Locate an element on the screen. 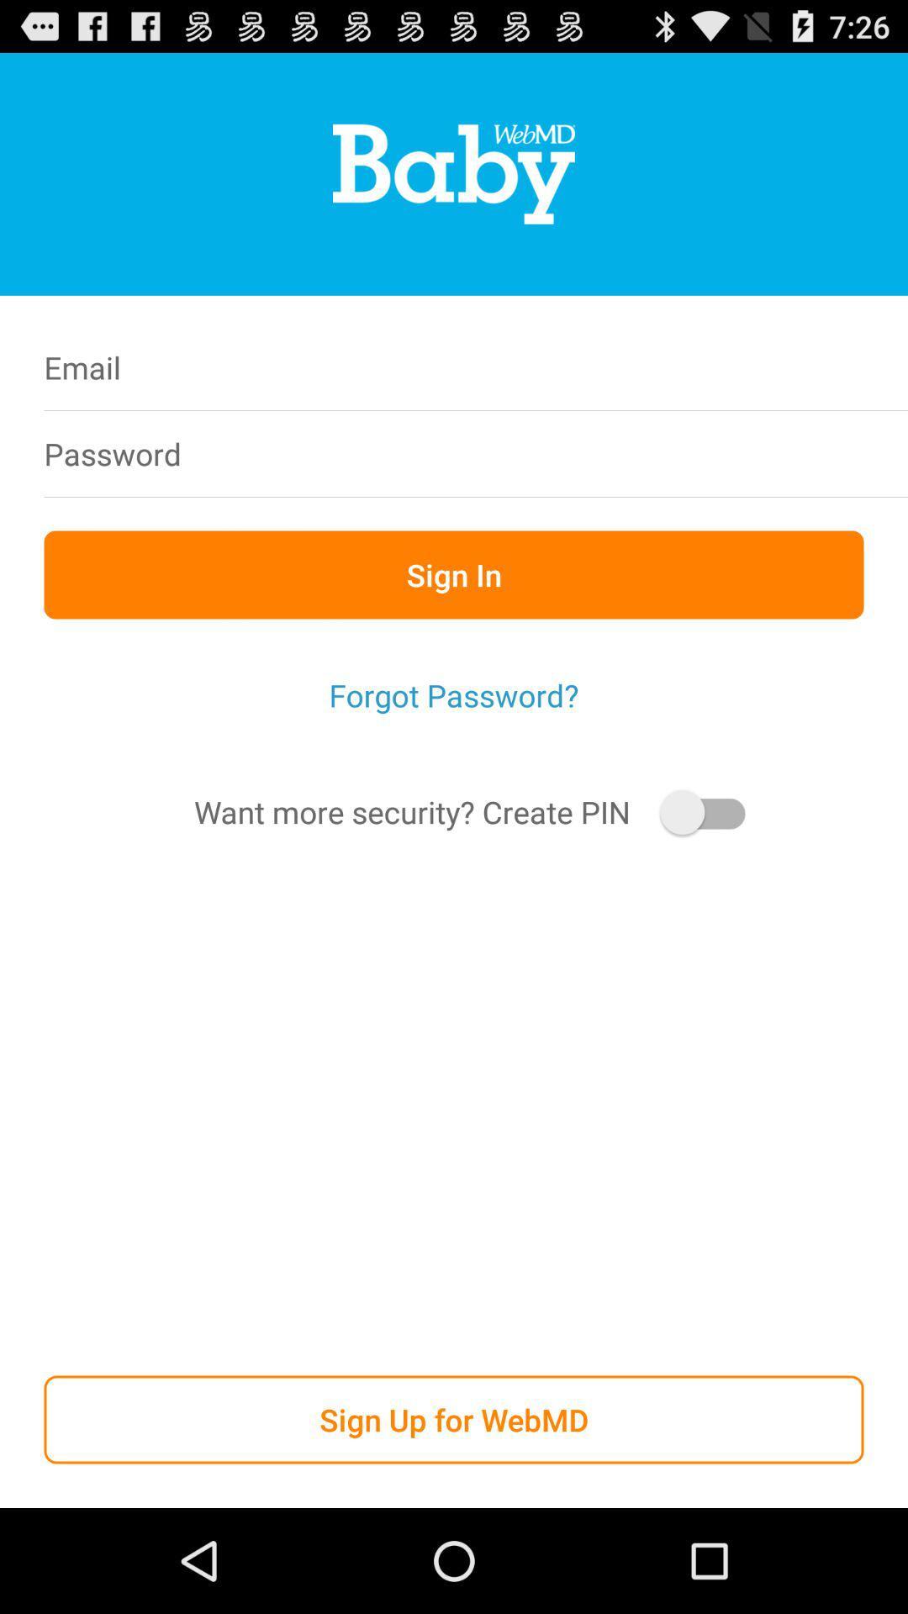 The height and width of the screenshot is (1614, 908). forgot password? item is located at coordinates (454, 695).